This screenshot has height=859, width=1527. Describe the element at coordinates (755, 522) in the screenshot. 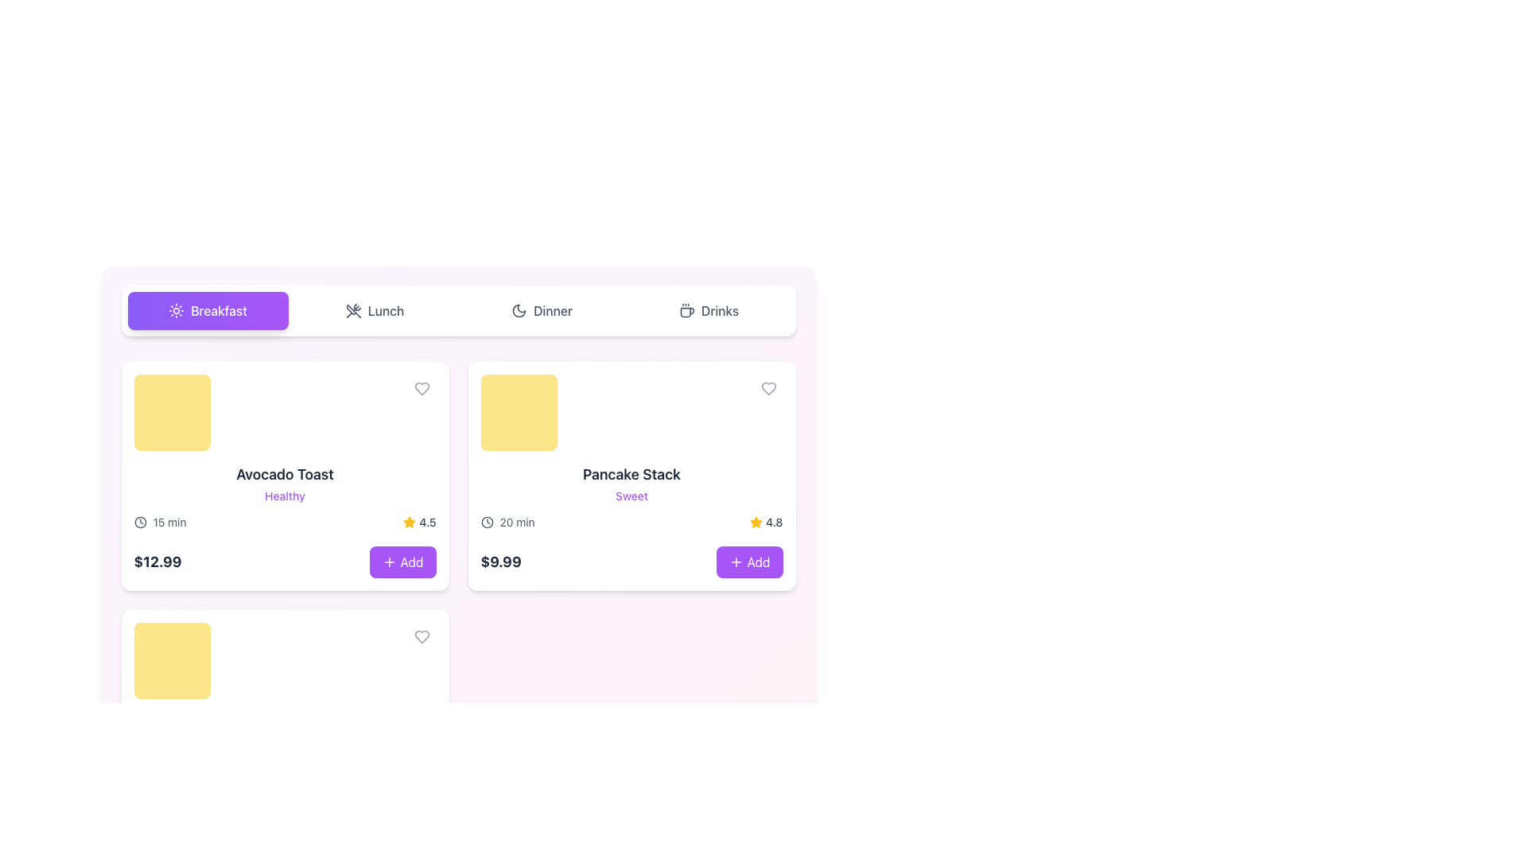

I see `the vibrant yellow star-shaped icon indicating a rating of '4.8' for the 'Pancake Stack' item, located in the bottom-right corner of its card` at that location.